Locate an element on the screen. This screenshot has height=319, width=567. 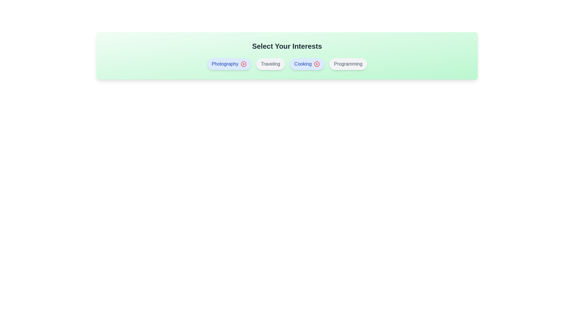
the interest Traveling by clicking on its button is located at coordinates (270, 64).